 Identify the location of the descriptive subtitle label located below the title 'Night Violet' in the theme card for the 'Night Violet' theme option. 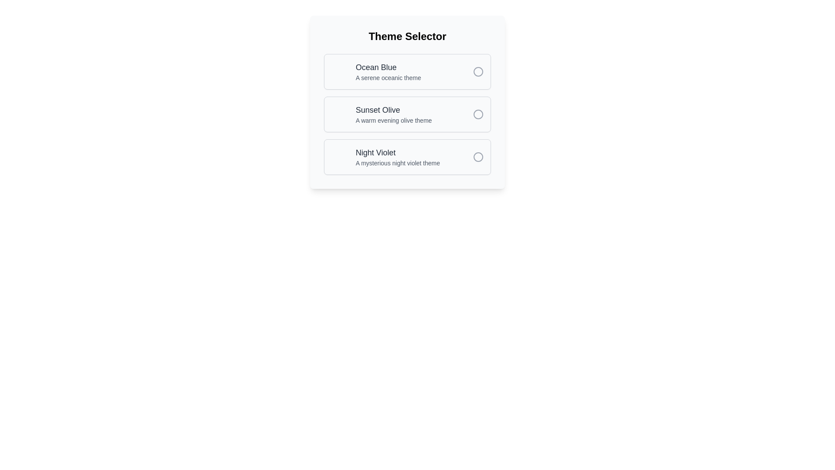
(397, 163).